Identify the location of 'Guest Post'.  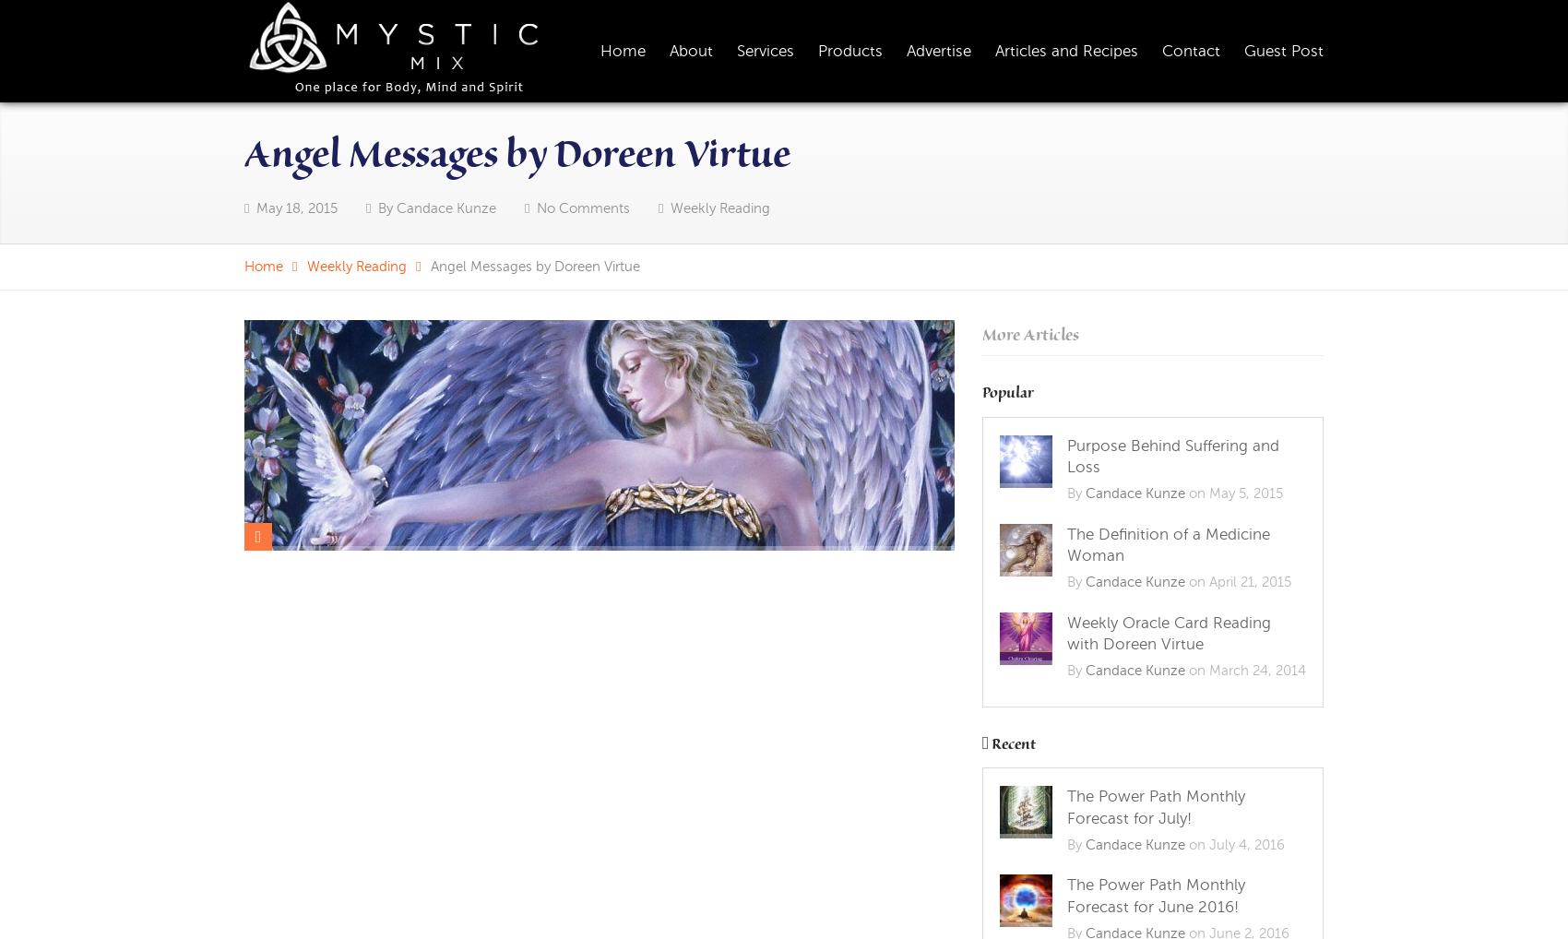
(1282, 50).